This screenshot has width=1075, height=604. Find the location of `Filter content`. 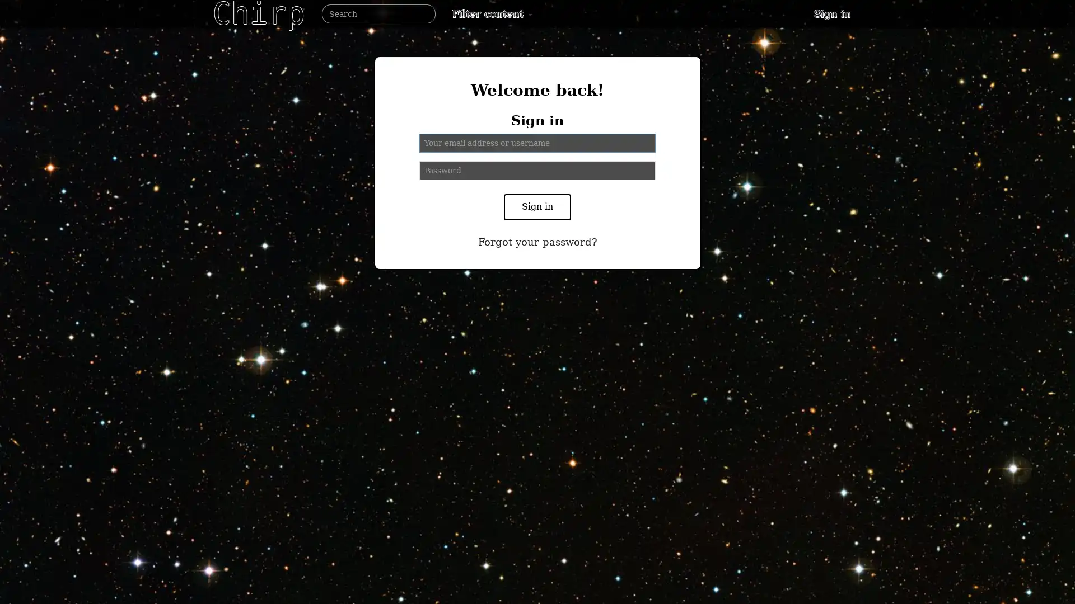

Filter content is located at coordinates (492, 13).